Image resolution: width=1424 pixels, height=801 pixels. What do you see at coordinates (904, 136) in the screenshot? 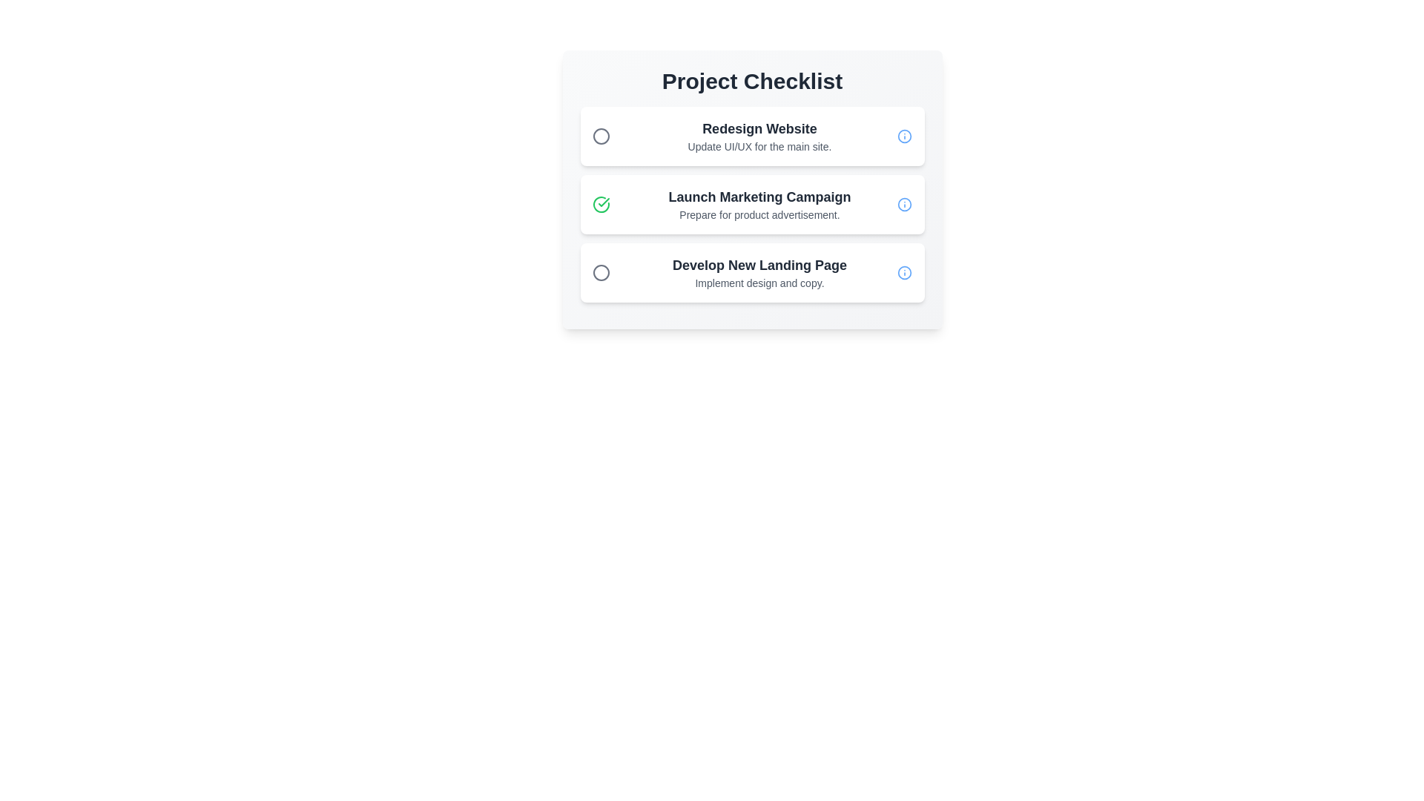
I see `the information icon for the task Redesign Website` at bounding box center [904, 136].